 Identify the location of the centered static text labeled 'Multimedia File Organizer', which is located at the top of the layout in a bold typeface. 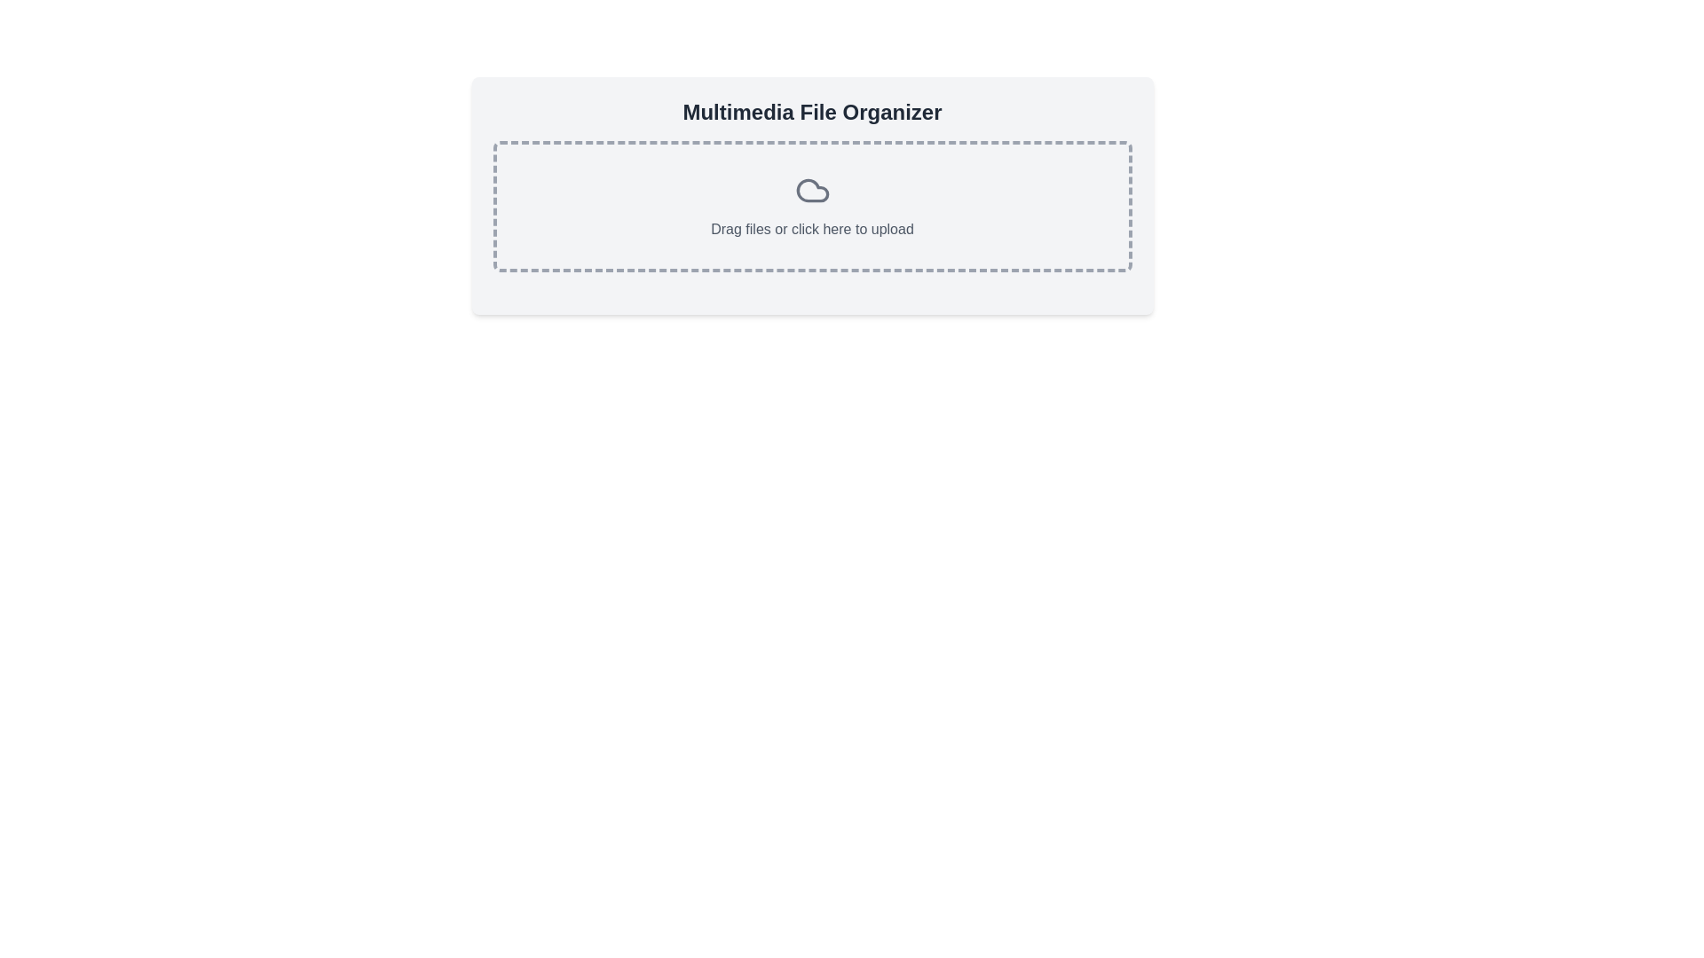
(811, 113).